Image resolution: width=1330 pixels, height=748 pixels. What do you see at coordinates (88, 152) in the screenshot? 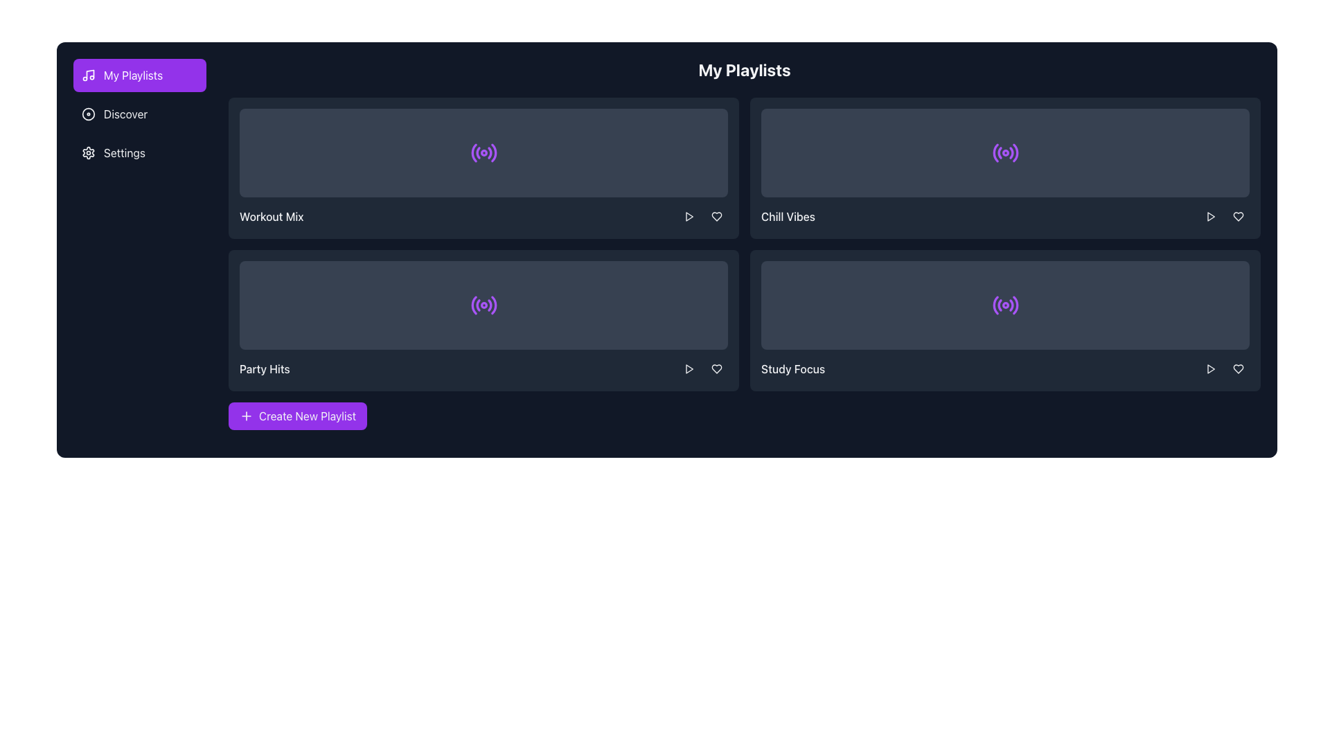
I see `the settings gear icon located in the side navigation bar to the left of the 'Settings' label` at bounding box center [88, 152].